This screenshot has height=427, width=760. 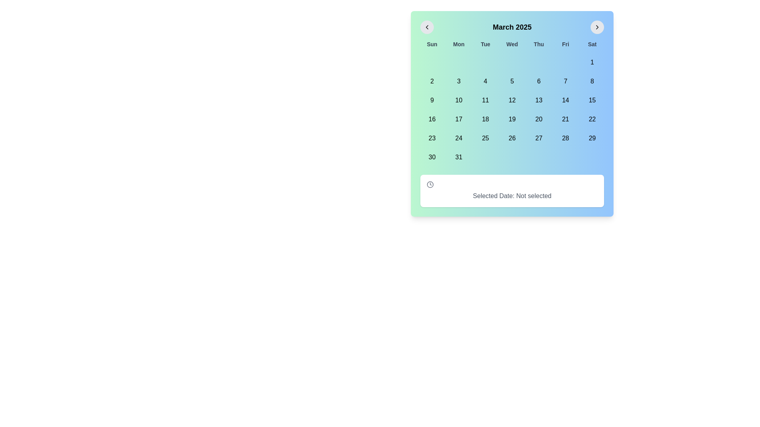 What do you see at coordinates (592, 138) in the screenshot?
I see `the date button representing '29' in the Saturday column of the March 2025 calendar` at bounding box center [592, 138].